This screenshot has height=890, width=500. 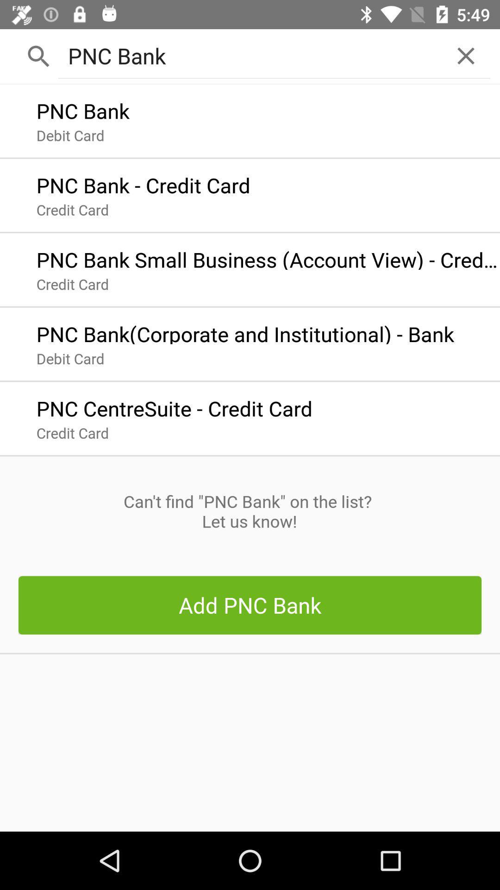 I want to click on icon below credit card item, so click(x=249, y=511).